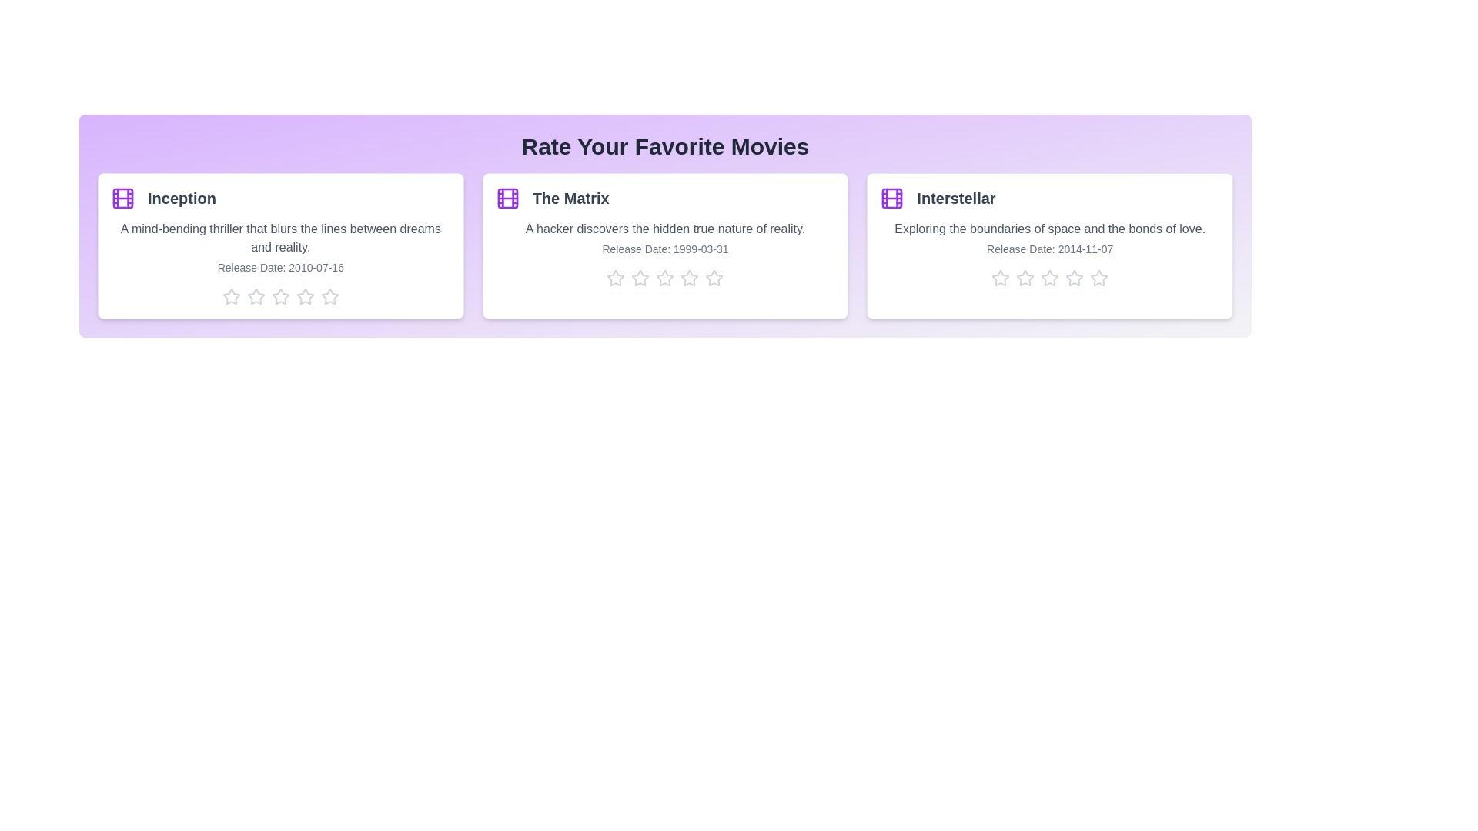 The height and width of the screenshot is (831, 1478). Describe the element at coordinates (665, 279) in the screenshot. I see `the star corresponding to 3 stars for the movie The Matrix` at that location.